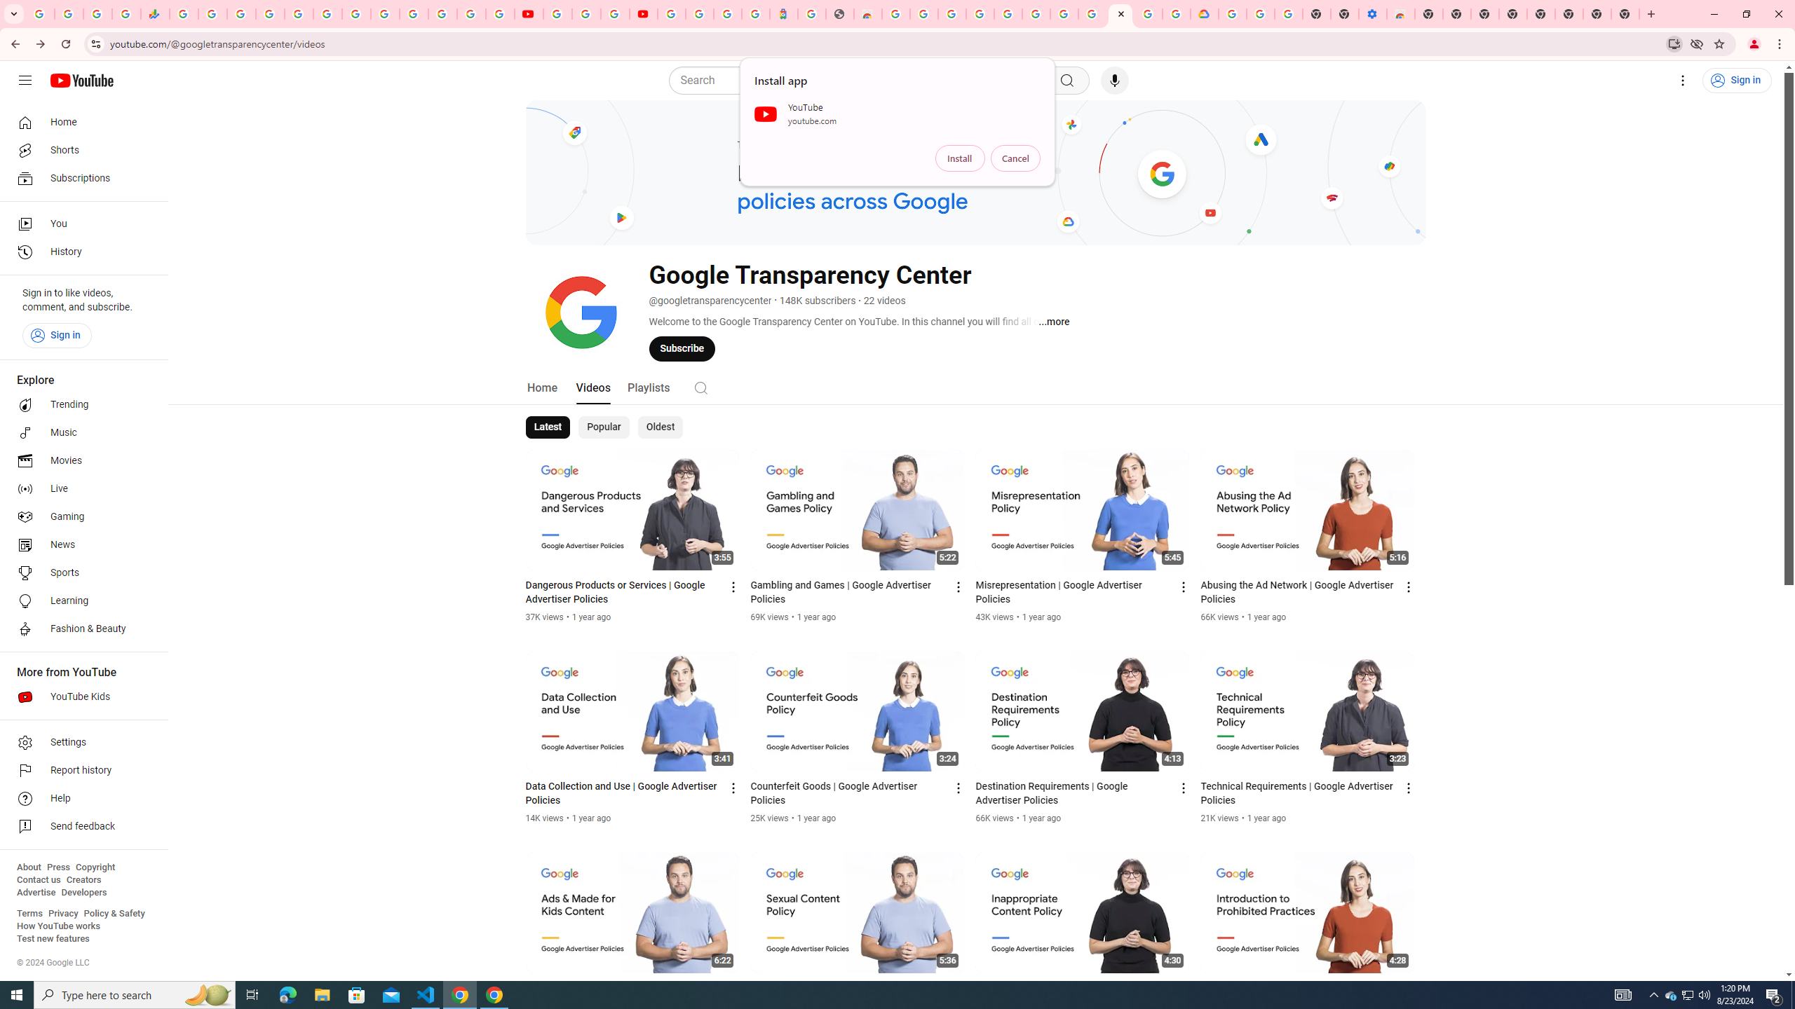 The image size is (1795, 1009). Describe the element at coordinates (1260, 13) in the screenshot. I see `'Google Account Help'` at that location.